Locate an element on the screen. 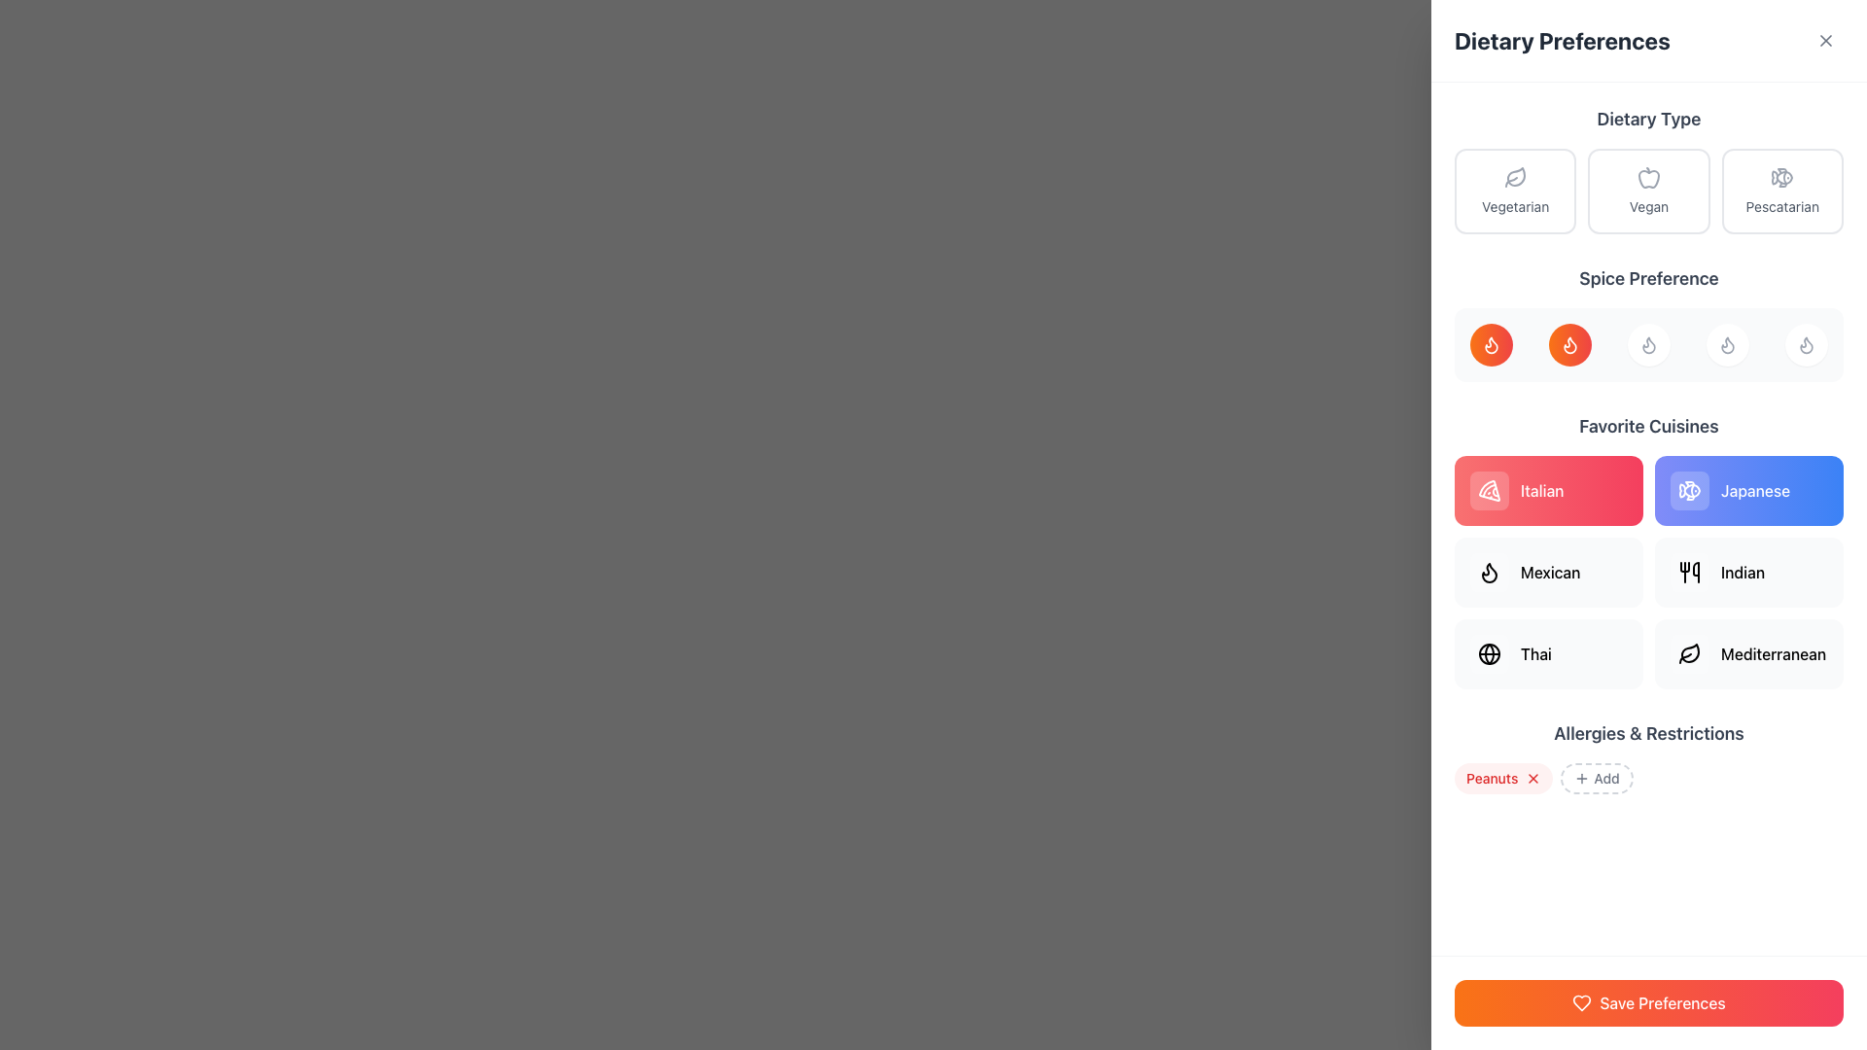 The width and height of the screenshot is (1867, 1050). the close or cancel icon, represented by a minimalistic gray 'X' shape, located in the top right corner adjacent to the title 'Dietary Preferences' is located at coordinates (1824, 41).